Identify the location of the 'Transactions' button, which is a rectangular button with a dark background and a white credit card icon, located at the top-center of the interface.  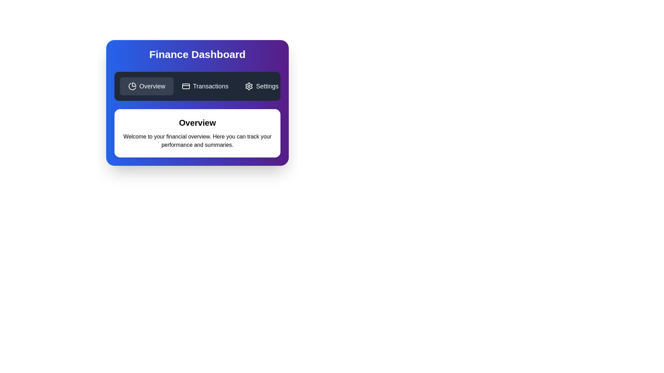
(205, 86).